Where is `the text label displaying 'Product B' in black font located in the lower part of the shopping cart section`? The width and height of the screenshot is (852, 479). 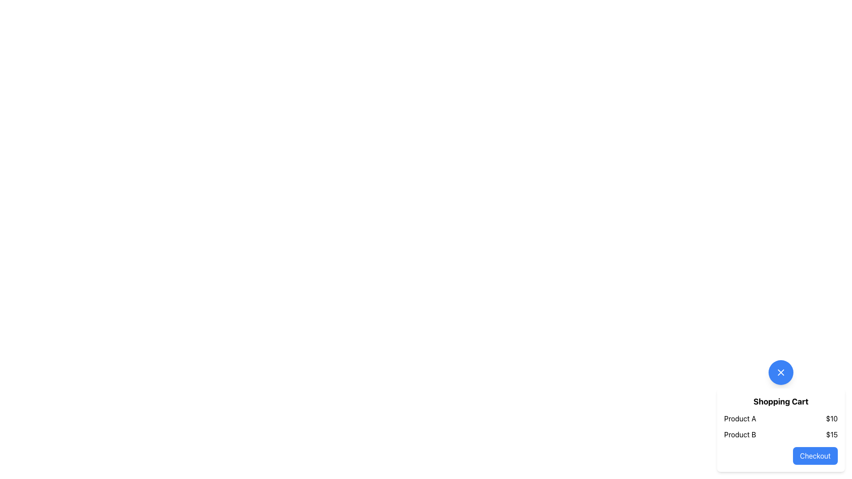 the text label displaying 'Product B' in black font located in the lower part of the shopping cart section is located at coordinates (740, 434).